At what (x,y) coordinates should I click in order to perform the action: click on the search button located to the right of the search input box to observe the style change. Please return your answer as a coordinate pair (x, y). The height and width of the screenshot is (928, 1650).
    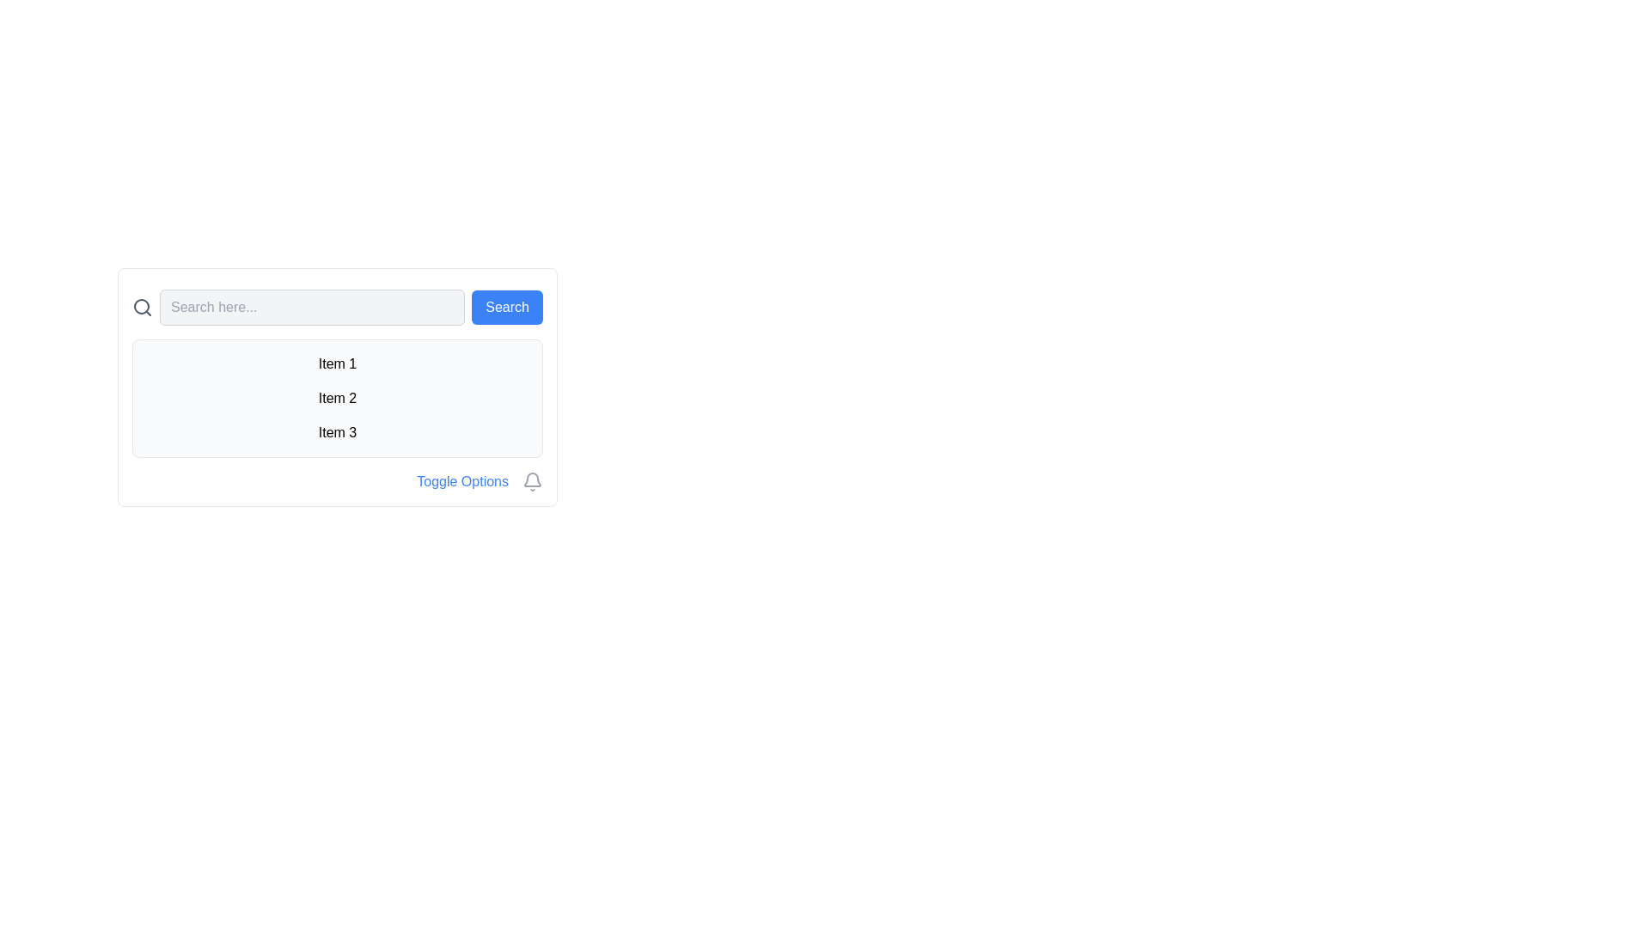
    Looking at the image, I should click on (506, 307).